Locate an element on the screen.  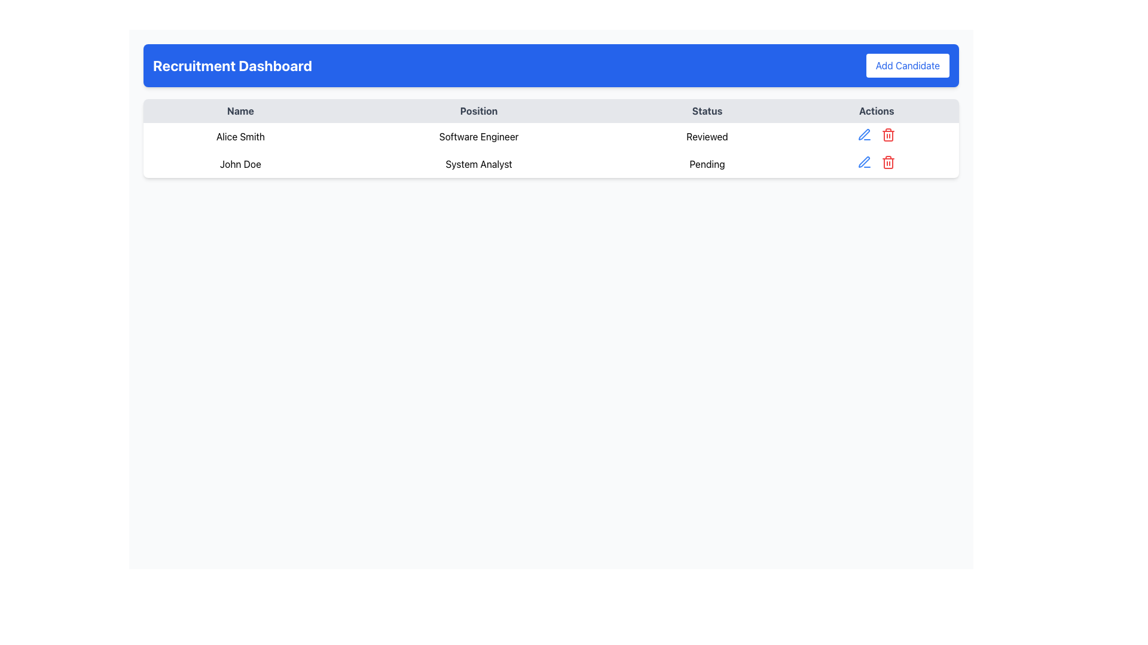
the static text label that displays 'Pending' in black font, located in the Status column of the table row for 'John Doe' as a System Analyst is located at coordinates (707, 164).